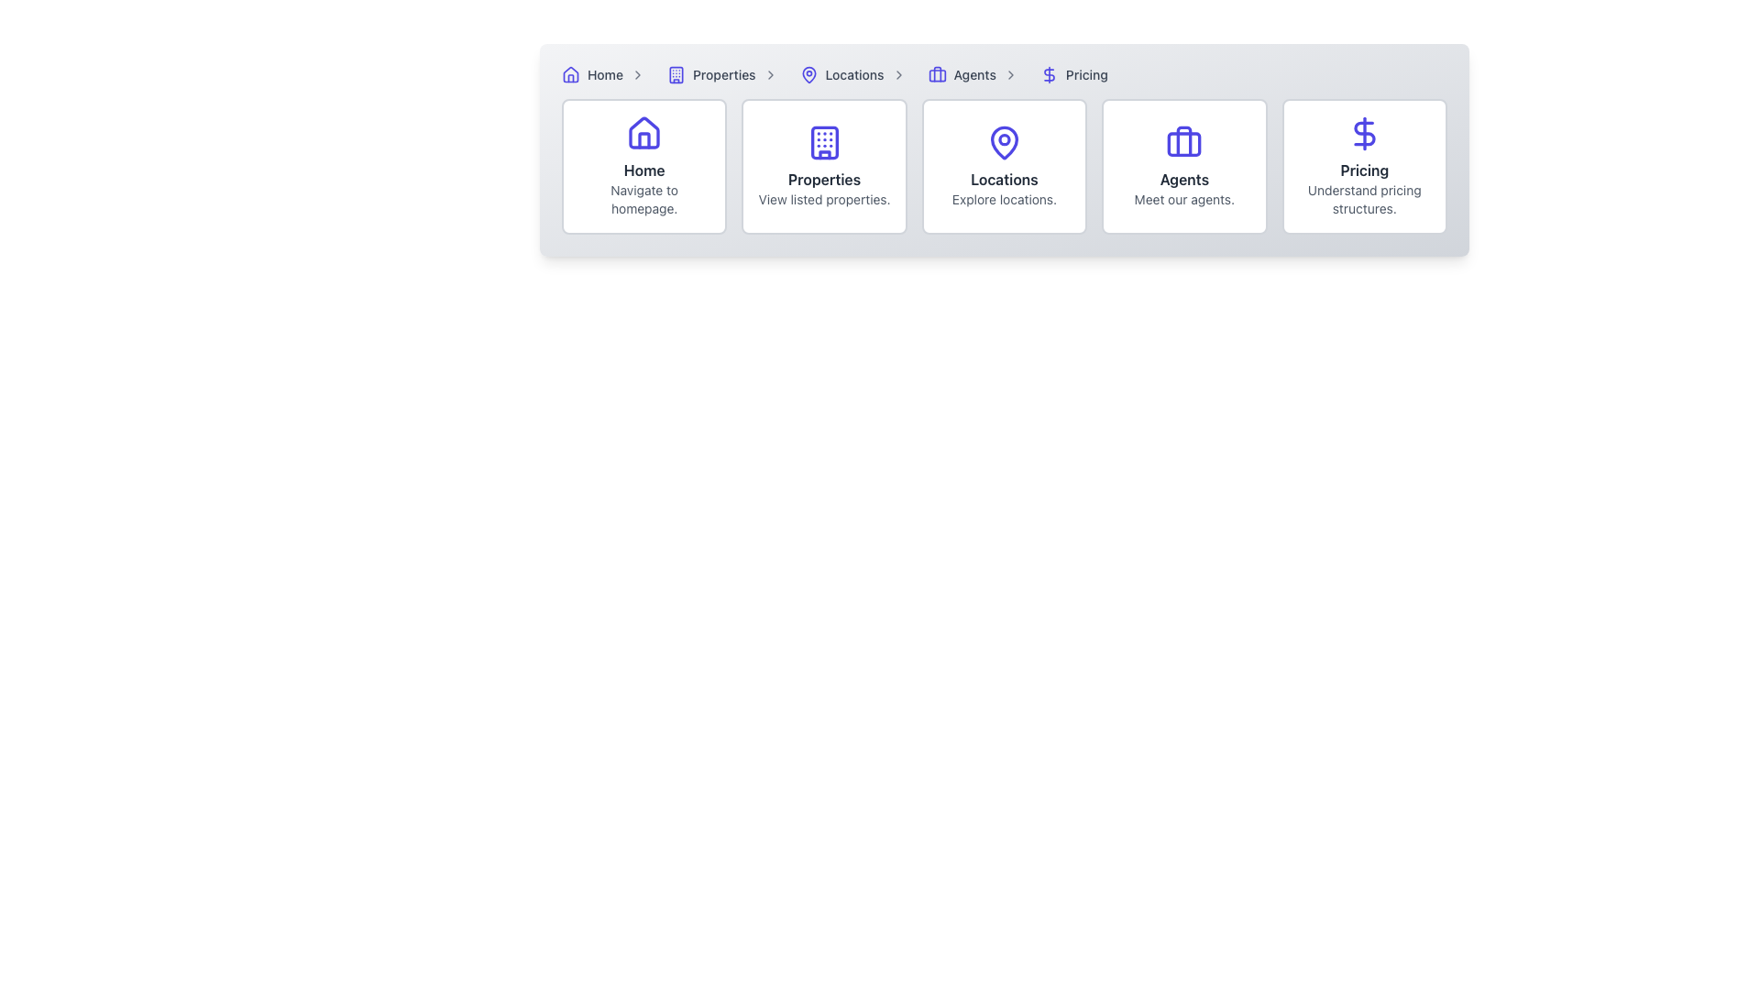  Describe the element at coordinates (937, 74) in the screenshot. I see `the graphical vector SVG component that represents the briefcase icon in the navigation bar, adjacent to the 'Agents' menu entry` at that location.